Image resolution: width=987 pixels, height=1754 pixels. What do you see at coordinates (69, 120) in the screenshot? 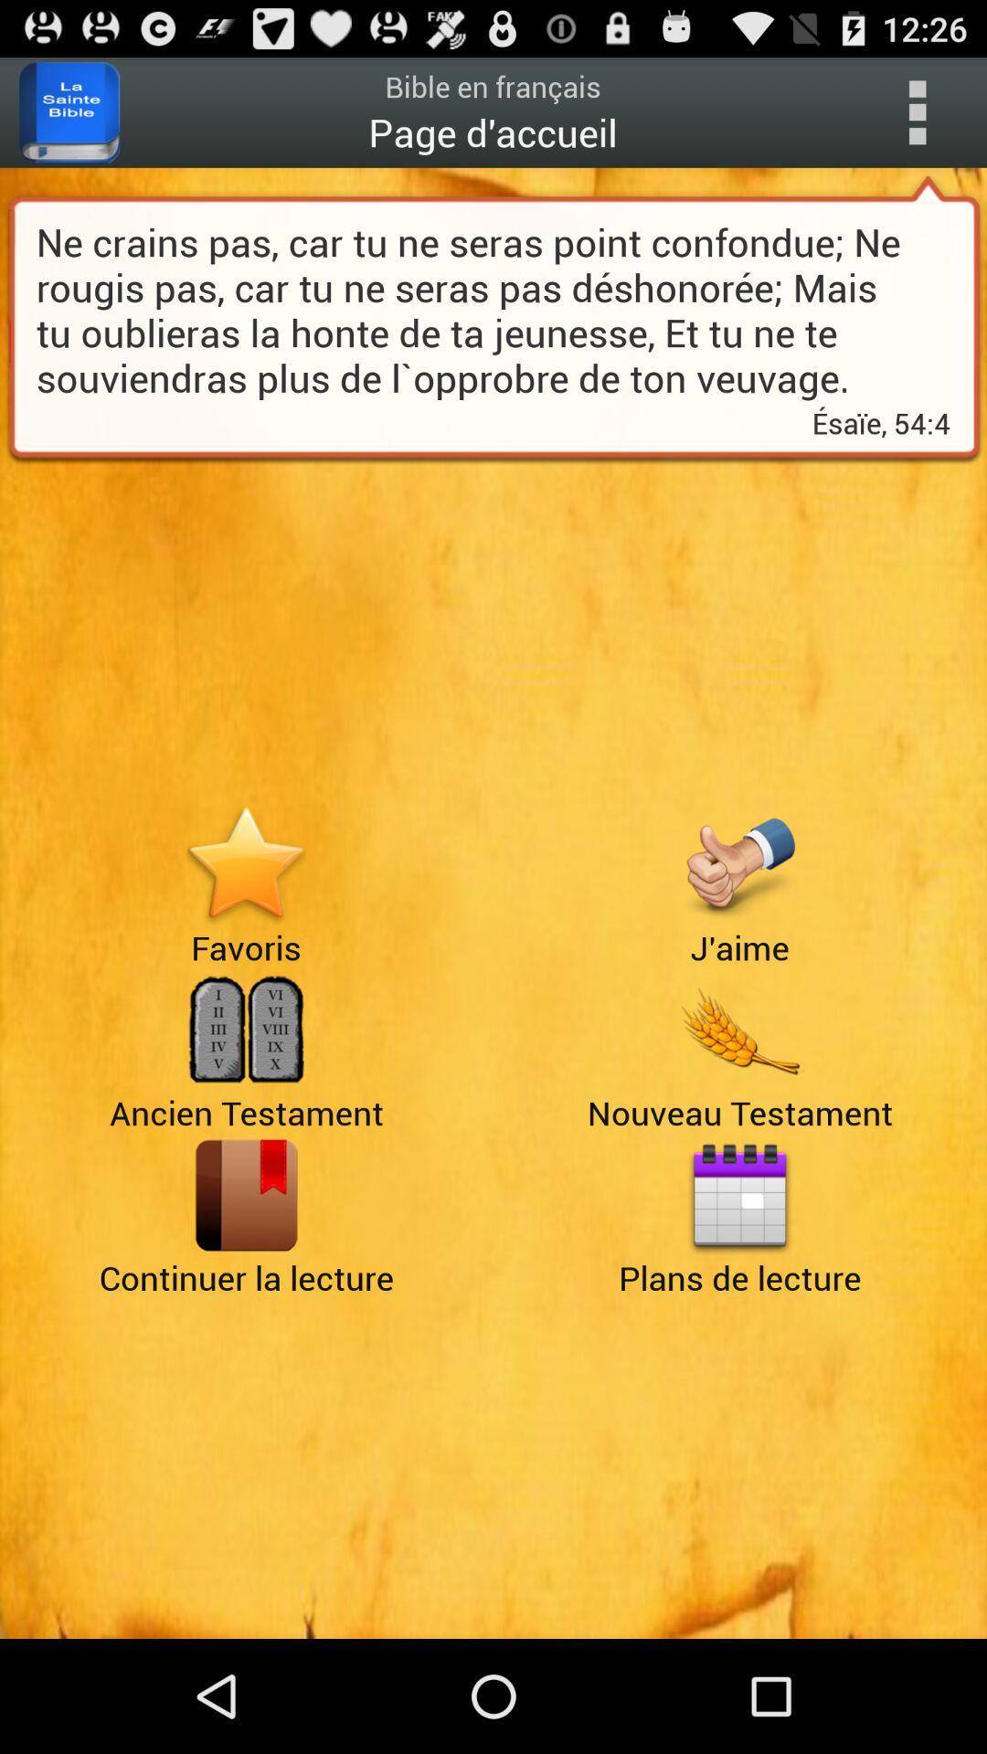
I see `the book icon` at bounding box center [69, 120].